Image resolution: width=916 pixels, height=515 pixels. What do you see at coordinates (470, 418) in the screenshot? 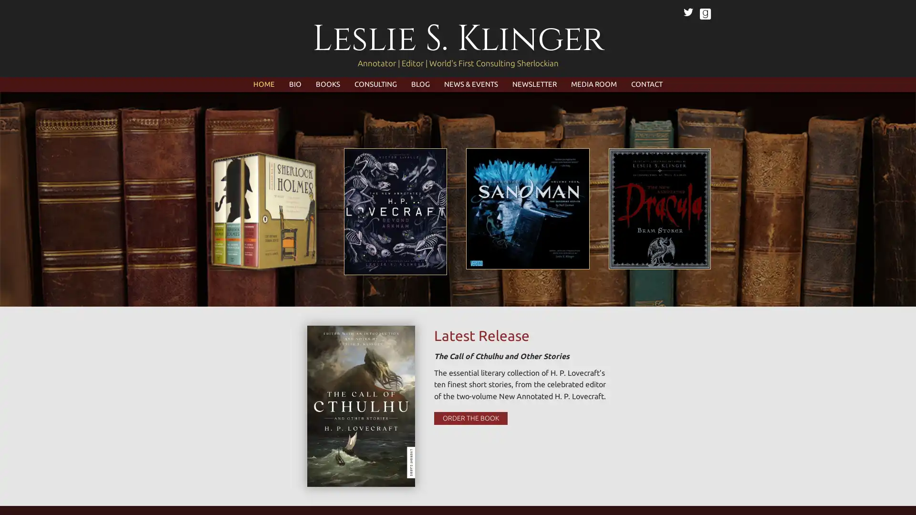
I see `ORDER THE BOOK` at bounding box center [470, 418].